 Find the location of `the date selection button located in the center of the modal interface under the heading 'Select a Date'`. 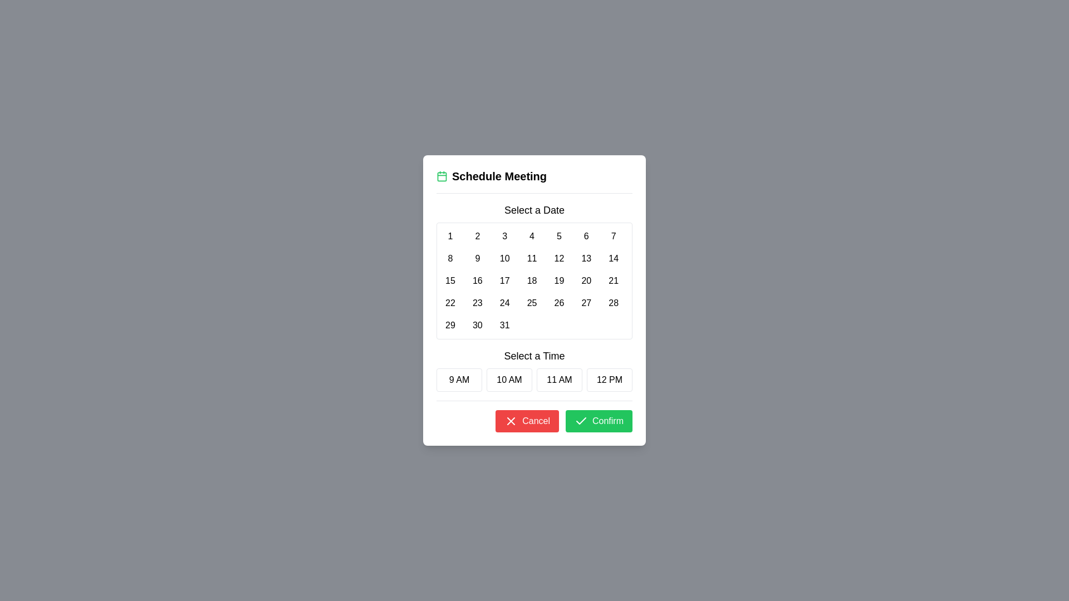

the date selection button located in the center of the modal interface under the heading 'Select a Date' is located at coordinates (504, 235).